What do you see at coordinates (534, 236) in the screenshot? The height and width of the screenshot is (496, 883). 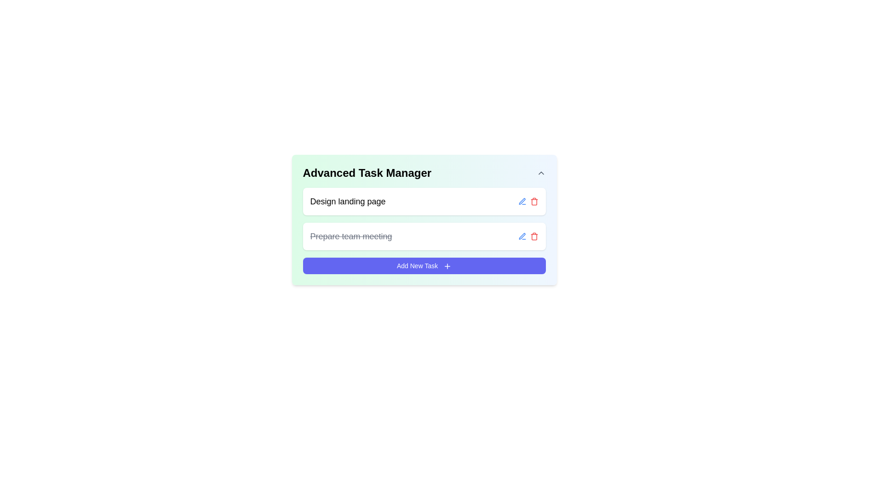 I see `the delete button, which is the second interactive icon to the right of the second task labeled 'Prepare team meeting'` at bounding box center [534, 236].